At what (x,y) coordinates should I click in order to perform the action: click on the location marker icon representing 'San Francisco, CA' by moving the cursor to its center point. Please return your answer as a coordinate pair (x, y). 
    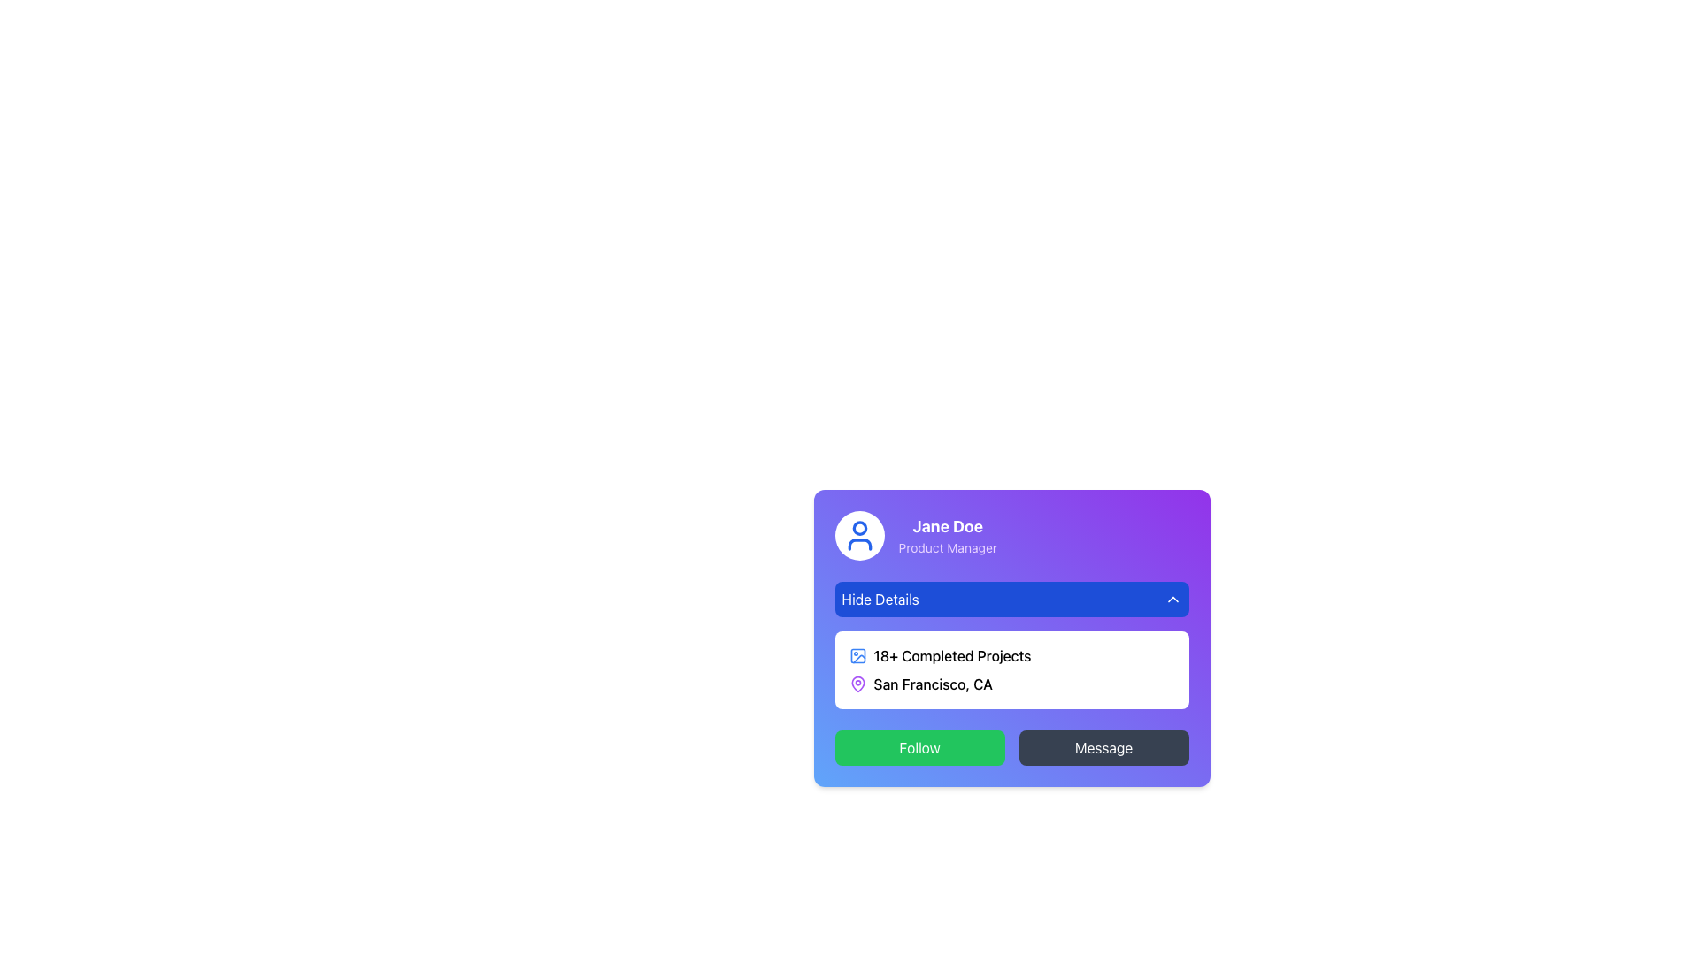
    Looking at the image, I should click on (857, 684).